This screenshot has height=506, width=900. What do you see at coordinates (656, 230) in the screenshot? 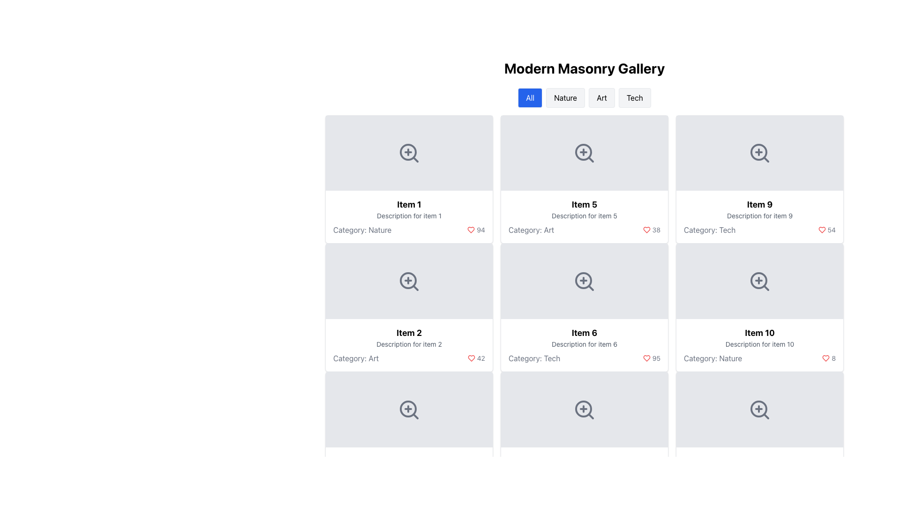
I see `the text display element showing the number '38', which is associated with a red heart icon and part of the like count for 'Item 5'` at bounding box center [656, 230].